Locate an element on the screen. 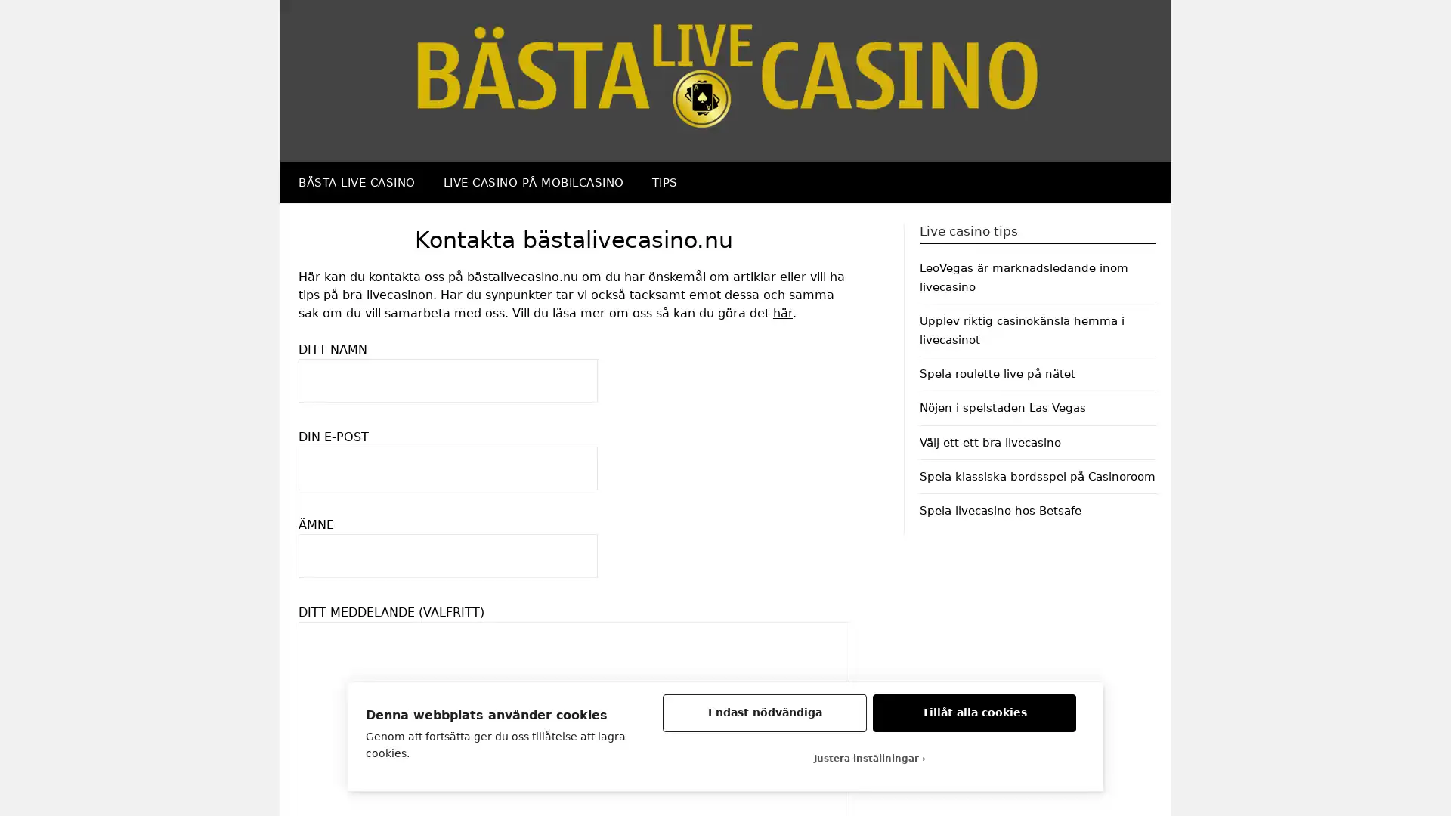  Justera installningar is located at coordinates (869, 758).